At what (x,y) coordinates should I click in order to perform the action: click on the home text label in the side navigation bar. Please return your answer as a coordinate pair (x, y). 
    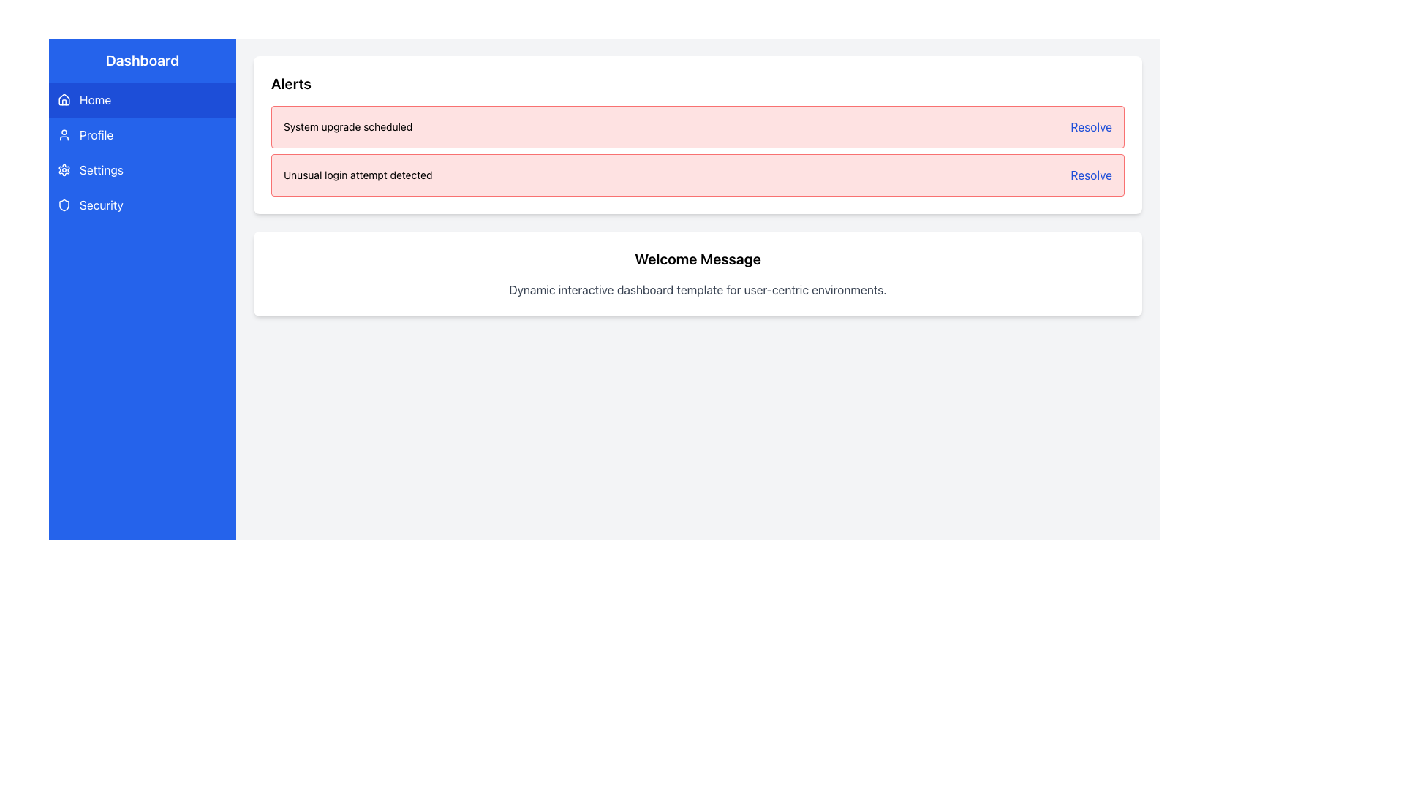
    Looking at the image, I should click on (94, 99).